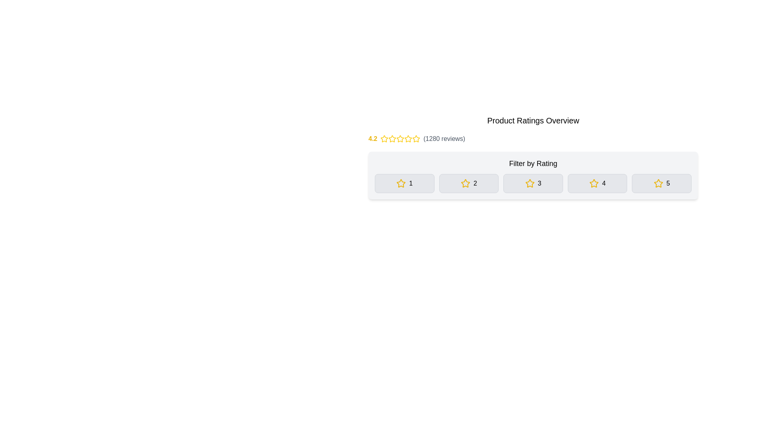 The height and width of the screenshot is (430, 764). I want to click on the static text displaying the numeral '1', which represents the first rating level in the filter system, located to the right of the yellow star icon, so click(411, 184).